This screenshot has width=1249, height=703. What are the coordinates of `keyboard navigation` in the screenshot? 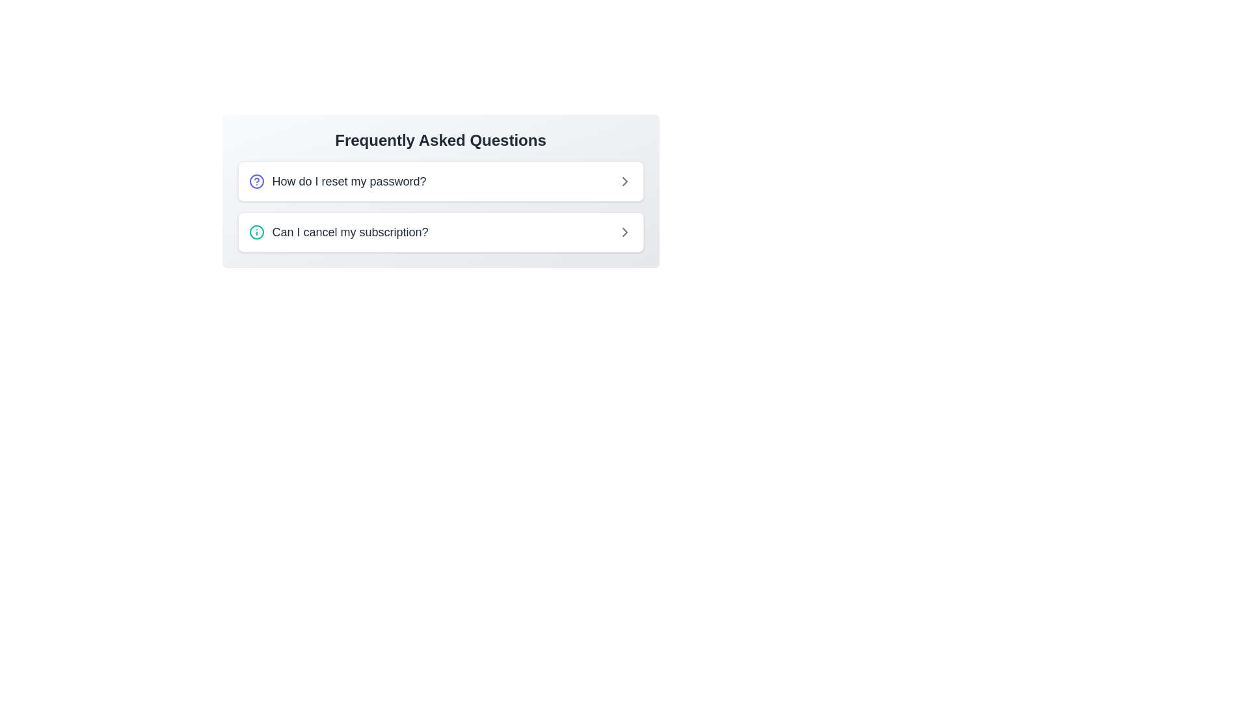 It's located at (349, 181).